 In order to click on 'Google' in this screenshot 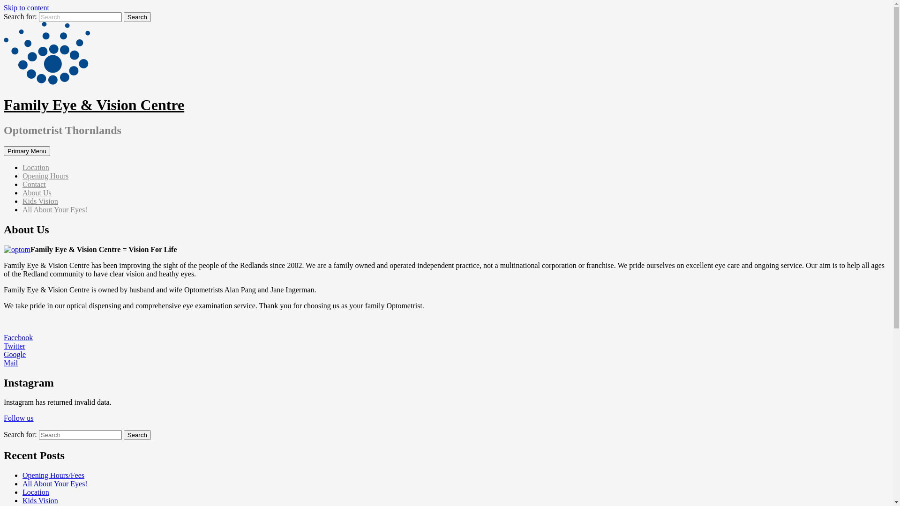, I will do `click(15, 354)`.